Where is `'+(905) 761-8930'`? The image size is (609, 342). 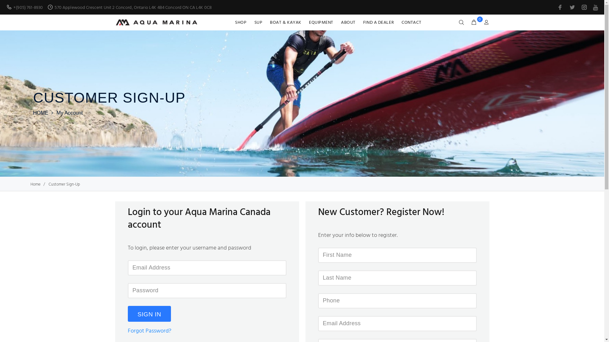 '+(905) 761-8930' is located at coordinates (28, 7).